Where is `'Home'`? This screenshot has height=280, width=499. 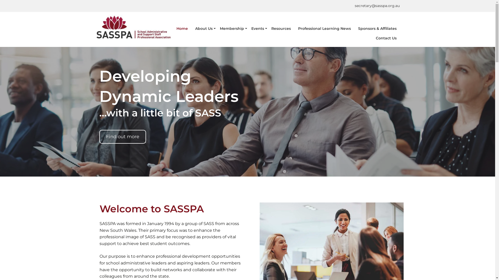 'Home' is located at coordinates (182, 29).